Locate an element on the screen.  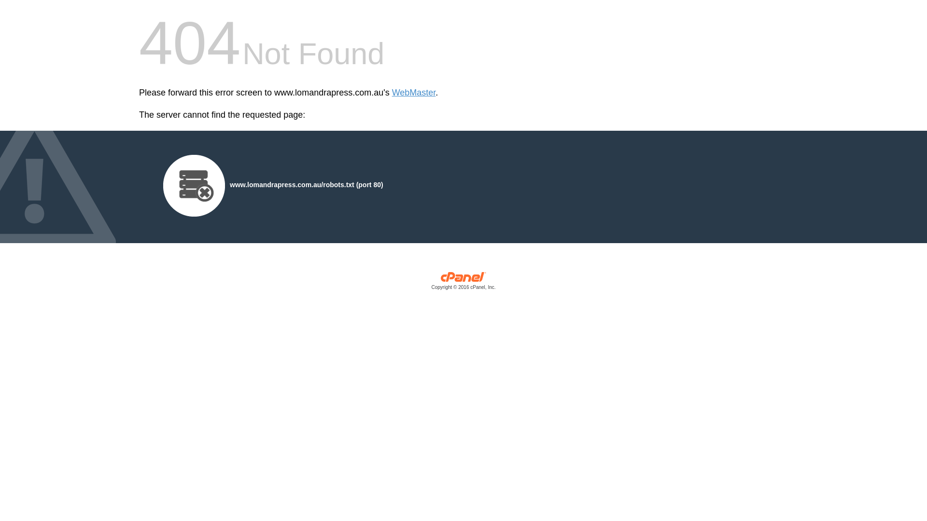
'WebMaster' is located at coordinates (414, 93).